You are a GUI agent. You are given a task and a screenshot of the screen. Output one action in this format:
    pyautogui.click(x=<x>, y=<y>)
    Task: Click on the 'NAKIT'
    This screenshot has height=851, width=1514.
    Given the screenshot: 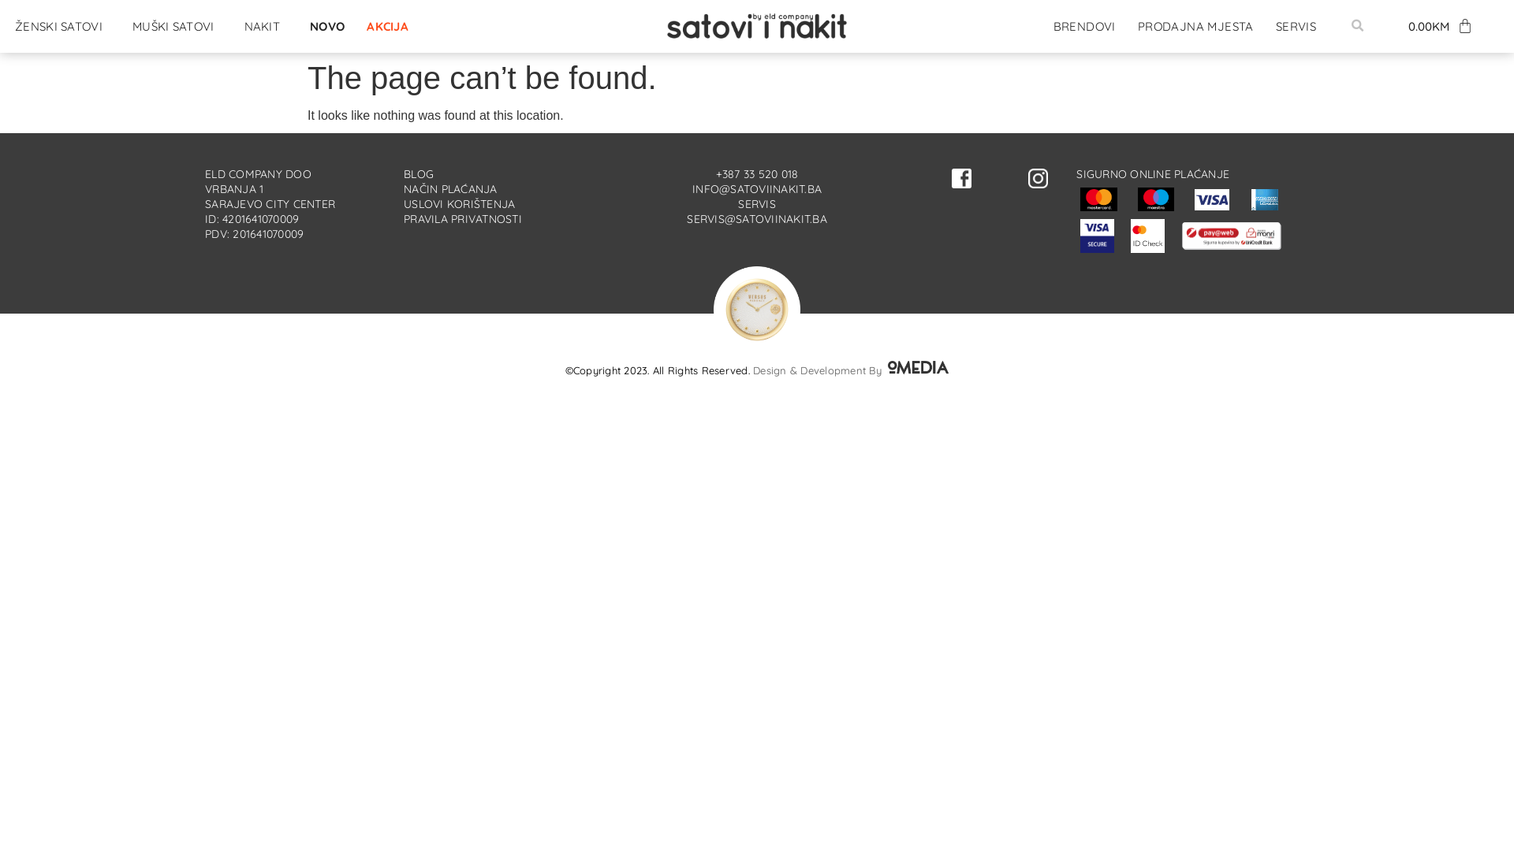 What is the action you would take?
    pyautogui.click(x=237, y=26)
    